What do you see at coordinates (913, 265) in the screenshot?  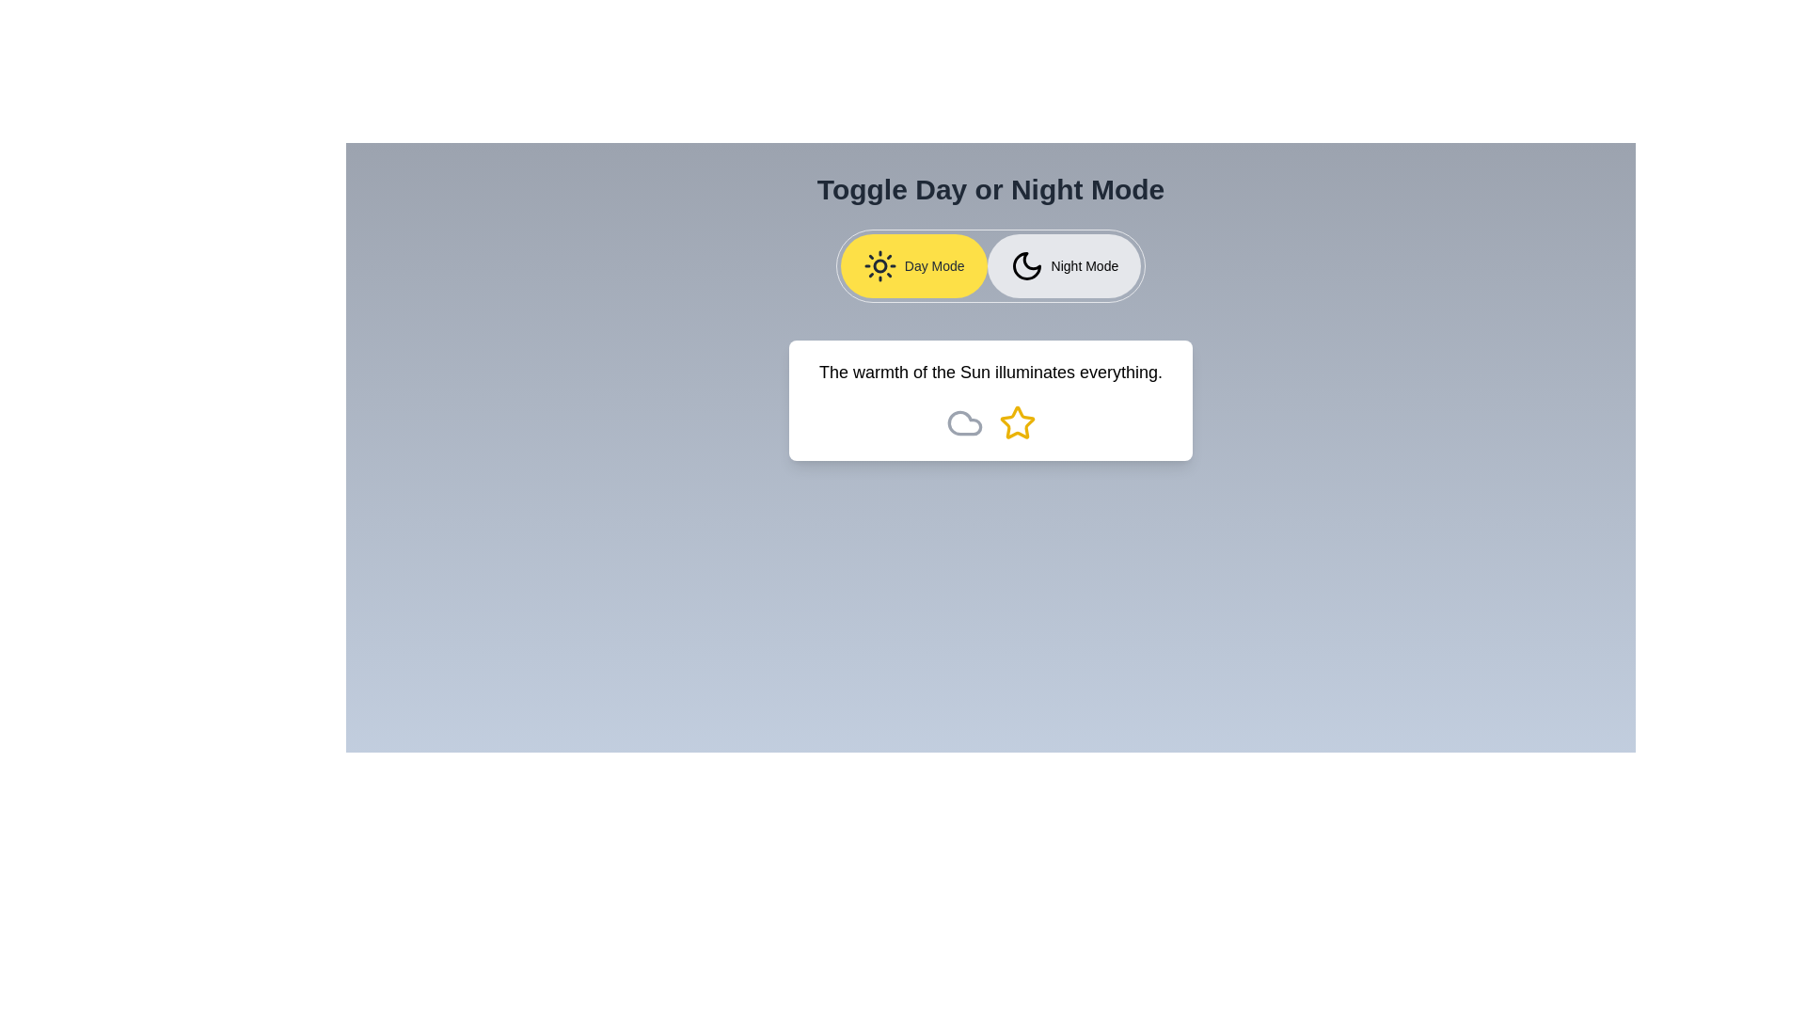 I see `the button labeled Day Mode to observe its hover effect` at bounding box center [913, 265].